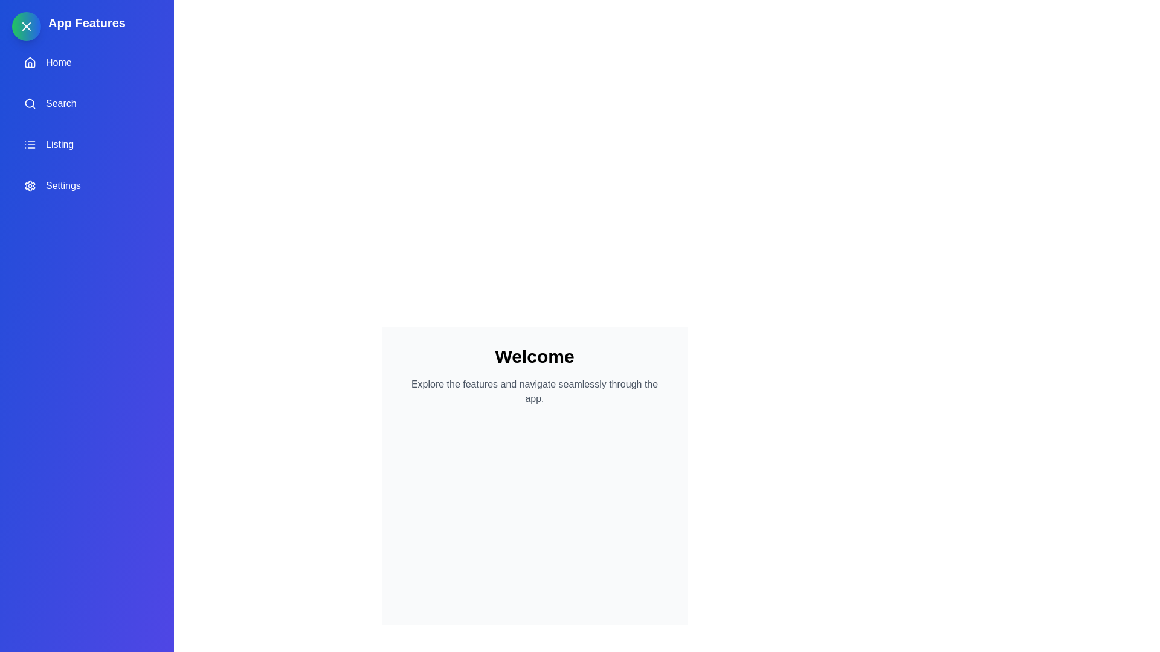 Image resolution: width=1160 pixels, height=652 pixels. Describe the element at coordinates (26, 26) in the screenshot. I see `the toggle button at the top-left corner to toggle the drawer's state` at that location.